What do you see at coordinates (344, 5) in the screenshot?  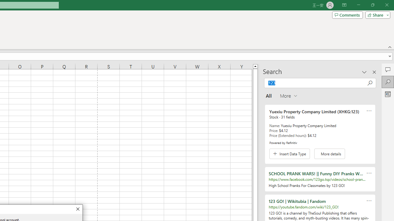 I see `'Ribbon Display Options'` at bounding box center [344, 5].